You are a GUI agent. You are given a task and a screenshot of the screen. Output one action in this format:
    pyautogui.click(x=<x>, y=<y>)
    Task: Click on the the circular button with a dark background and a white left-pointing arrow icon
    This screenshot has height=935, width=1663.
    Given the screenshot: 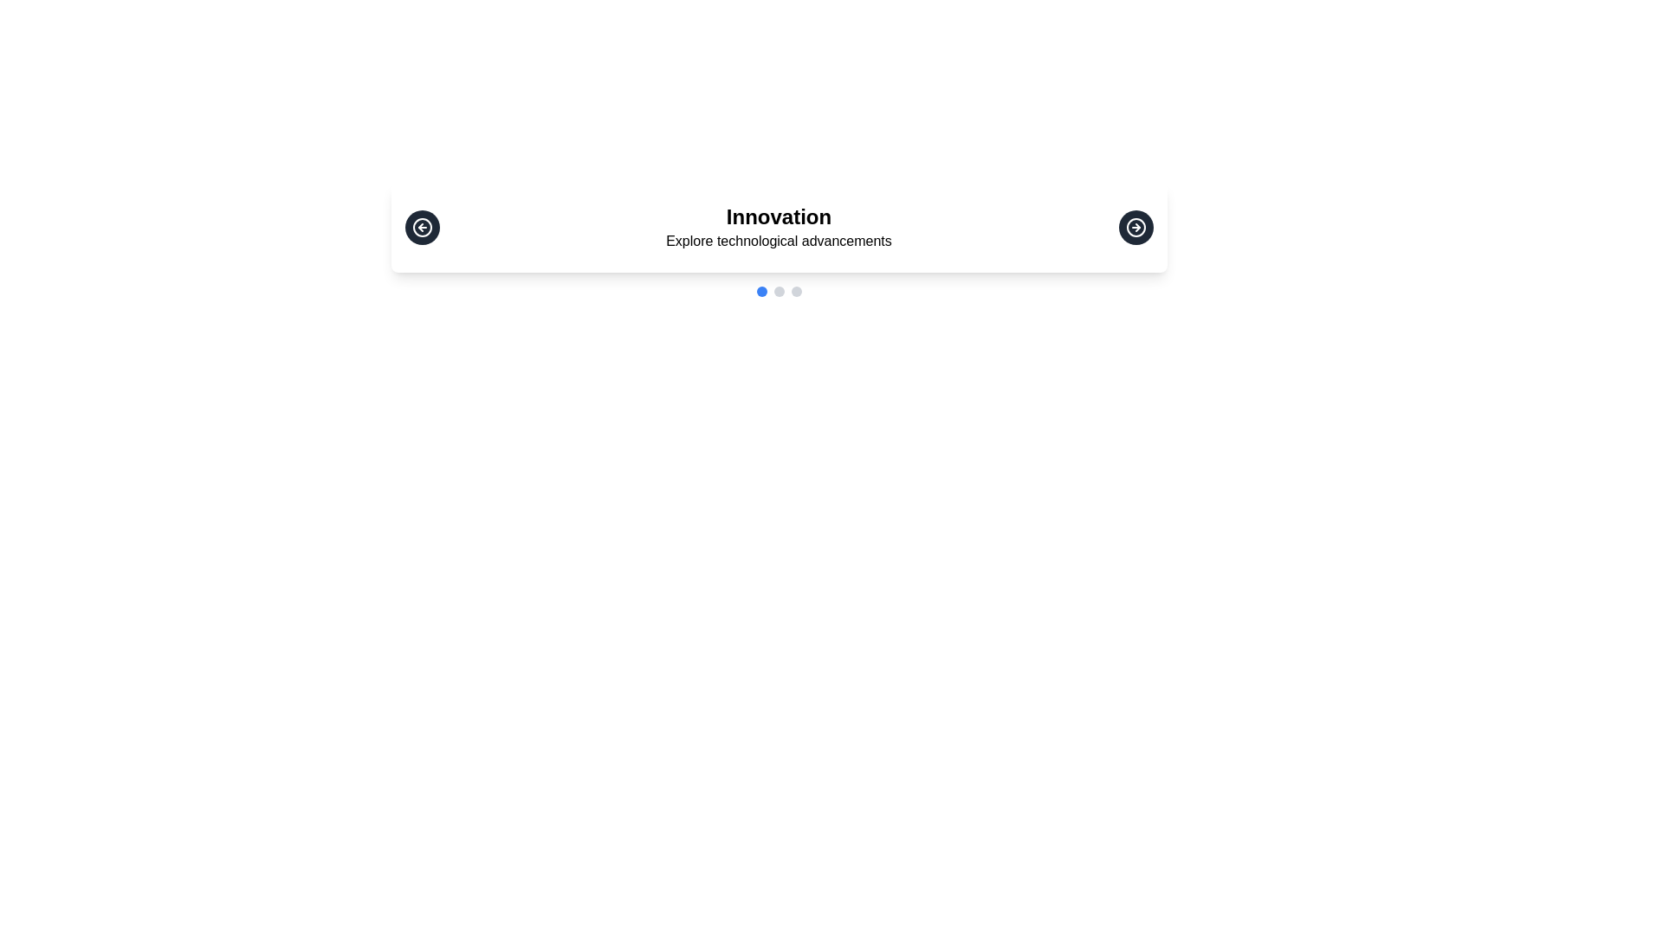 What is the action you would take?
    pyautogui.click(x=422, y=226)
    